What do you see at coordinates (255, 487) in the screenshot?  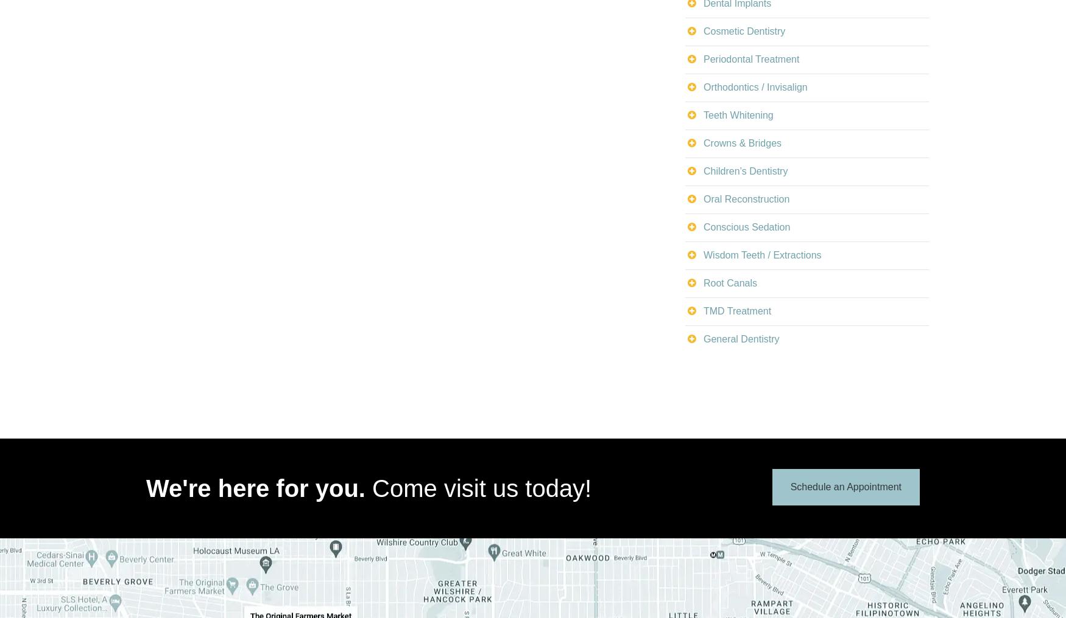 I see `'We're here for you.'` at bounding box center [255, 487].